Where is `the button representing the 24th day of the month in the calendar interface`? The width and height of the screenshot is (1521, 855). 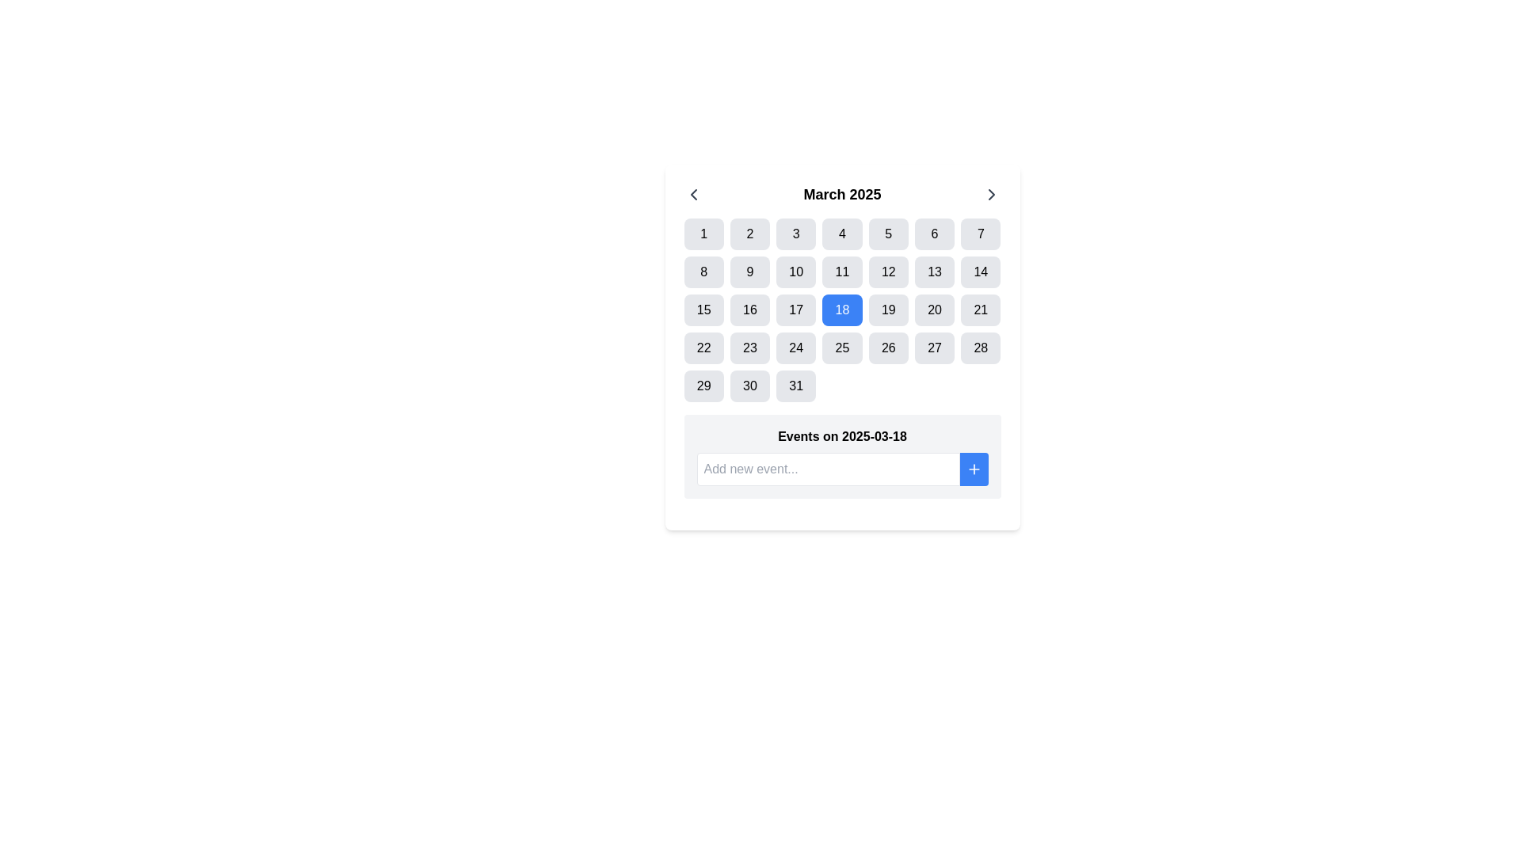
the button representing the 24th day of the month in the calendar interface is located at coordinates (796, 347).